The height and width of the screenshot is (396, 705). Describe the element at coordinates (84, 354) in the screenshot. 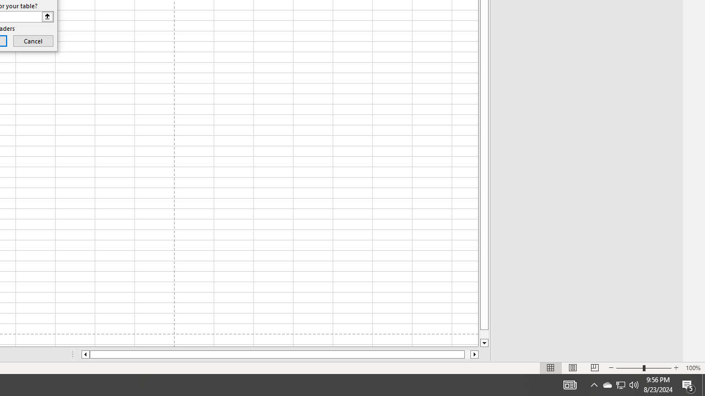

I see `'Column left'` at that location.